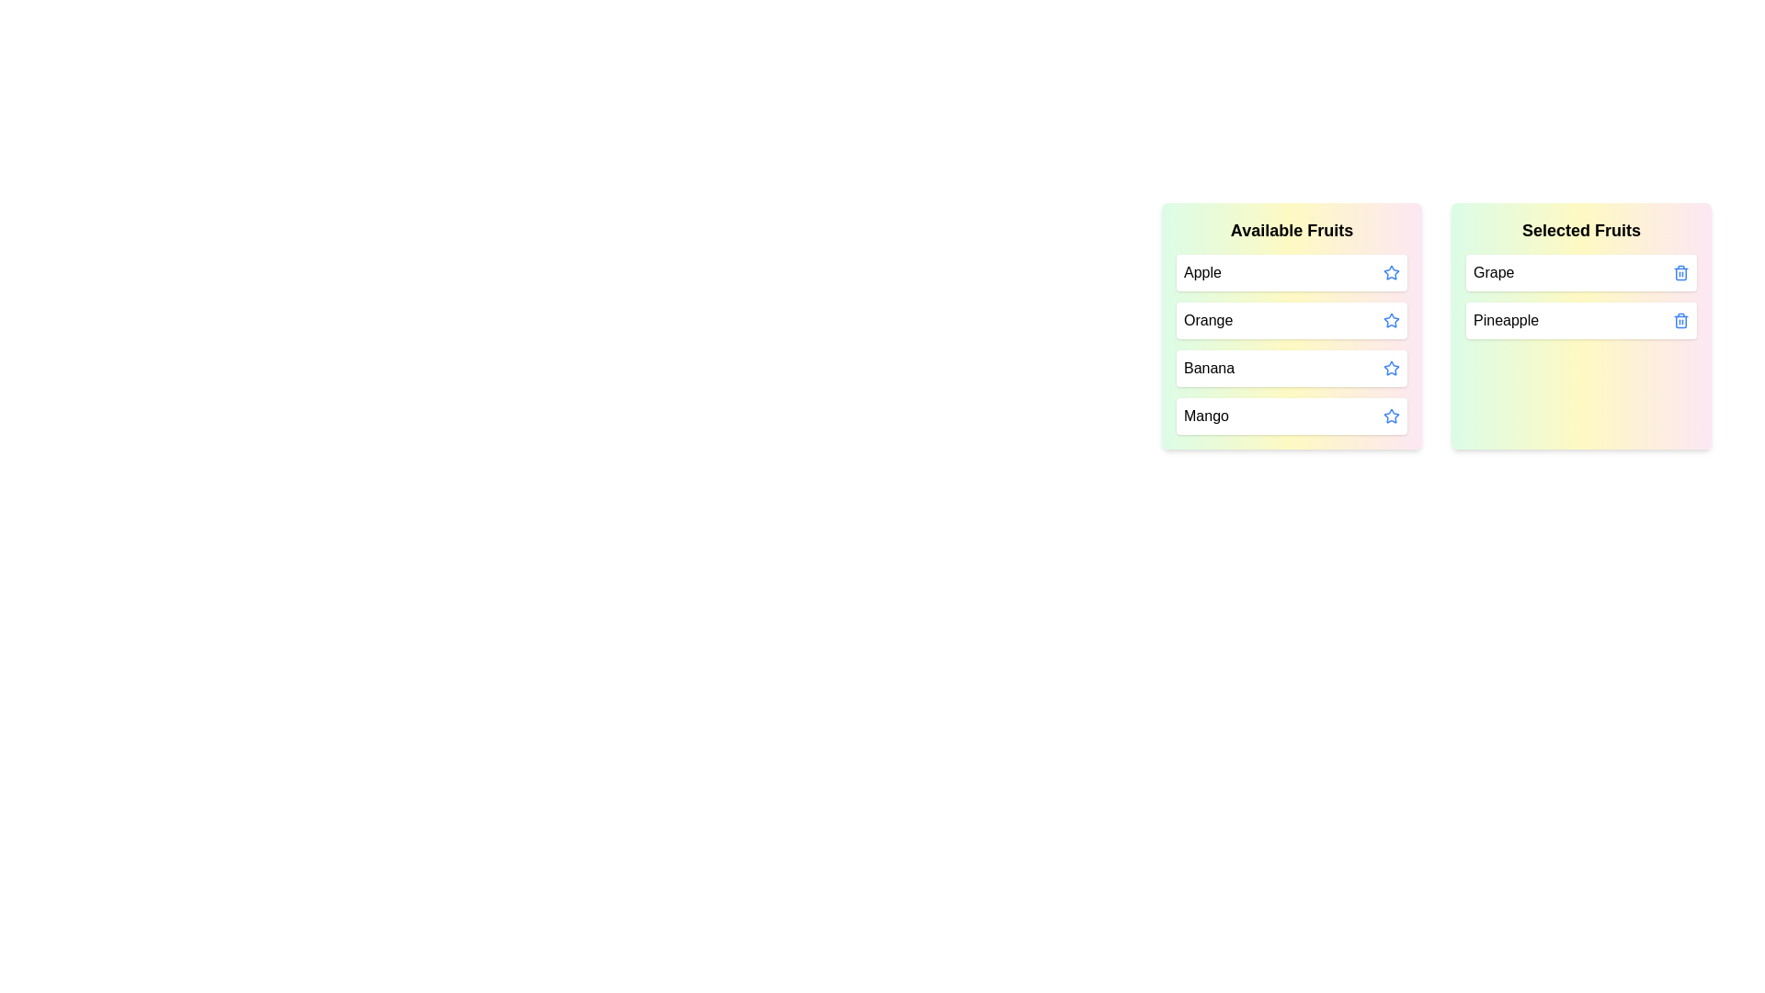 This screenshot has height=993, width=1765. What do you see at coordinates (1391, 319) in the screenshot?
I see `the star icon of the fruit Orange to move it to the 'Selected Fruits' list` at bounding box center [1391, 319].